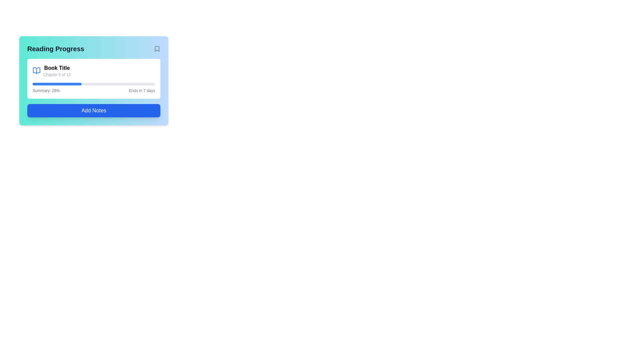 The image size is (639, 359). Describe the element at coordinates (46, 91) in the screenshot. I see `the text label displaying 'Summary: 28%' which is located in the bottom left of the 'Reading Progress' card, underneath the progress bar` at that location.